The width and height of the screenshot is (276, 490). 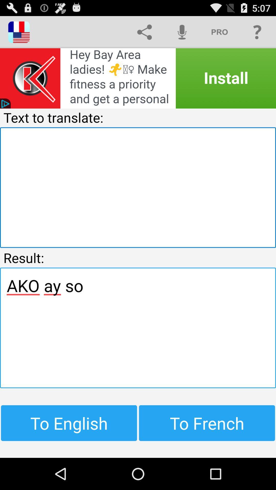 I want to click on the text beside, so click(x=219, y=32).